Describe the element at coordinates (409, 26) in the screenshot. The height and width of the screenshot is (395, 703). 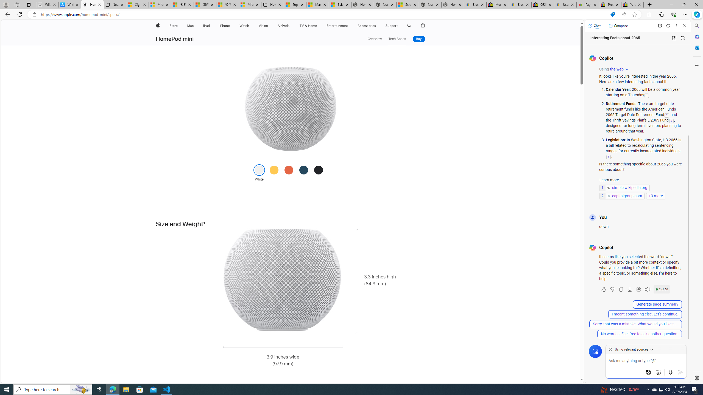
I see `'Search apple.com'` at that location.